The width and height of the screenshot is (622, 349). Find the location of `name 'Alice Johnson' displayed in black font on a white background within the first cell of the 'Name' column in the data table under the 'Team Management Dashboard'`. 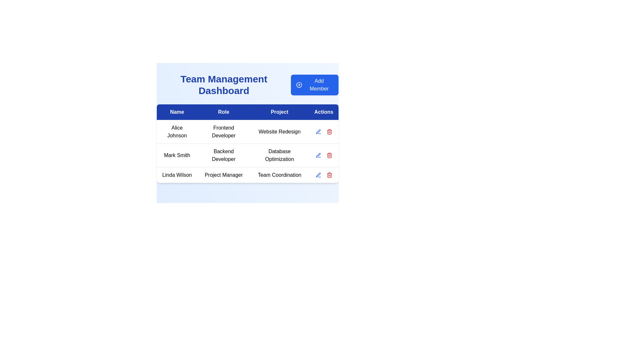

name 'Alice Johnson' displayed in black font on a white background within the first cell of the 'Name' column in the data table under the 'Team Management Dashboard' is located at coordinates (177, 132).